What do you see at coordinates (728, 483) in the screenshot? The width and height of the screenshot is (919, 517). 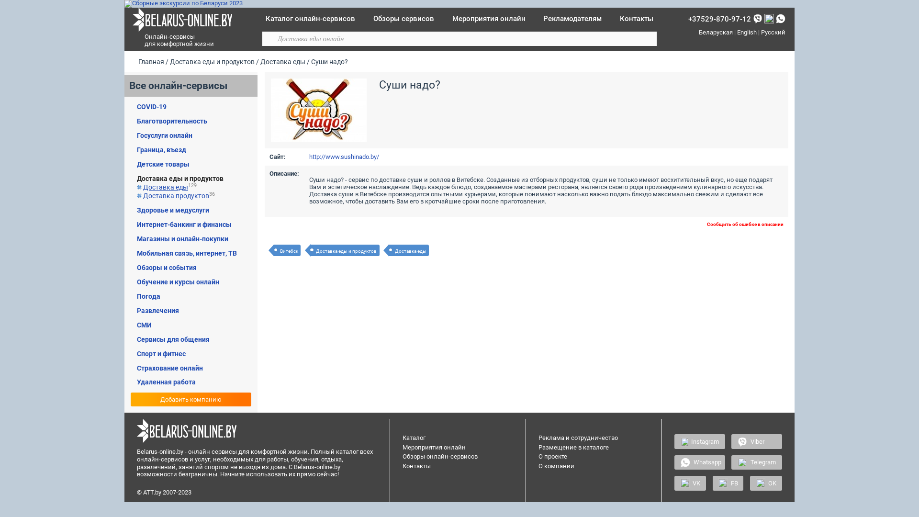 I see `'FB'` at bounding box center [728, 483].